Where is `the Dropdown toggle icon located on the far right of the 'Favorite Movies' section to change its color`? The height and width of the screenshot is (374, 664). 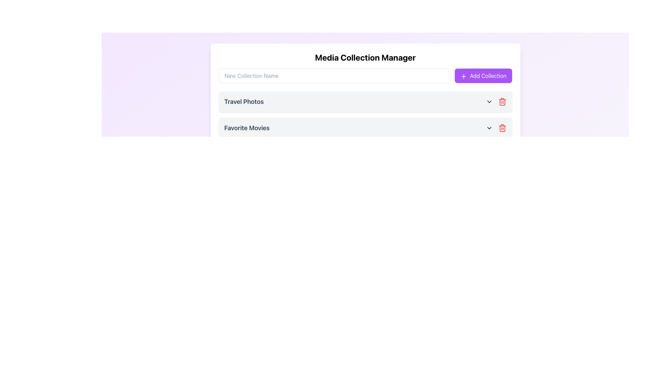 the Dropdown toggle icon located on the far right of the 'Favorite Movies' section to change its color is located at coordinates (489, 128).